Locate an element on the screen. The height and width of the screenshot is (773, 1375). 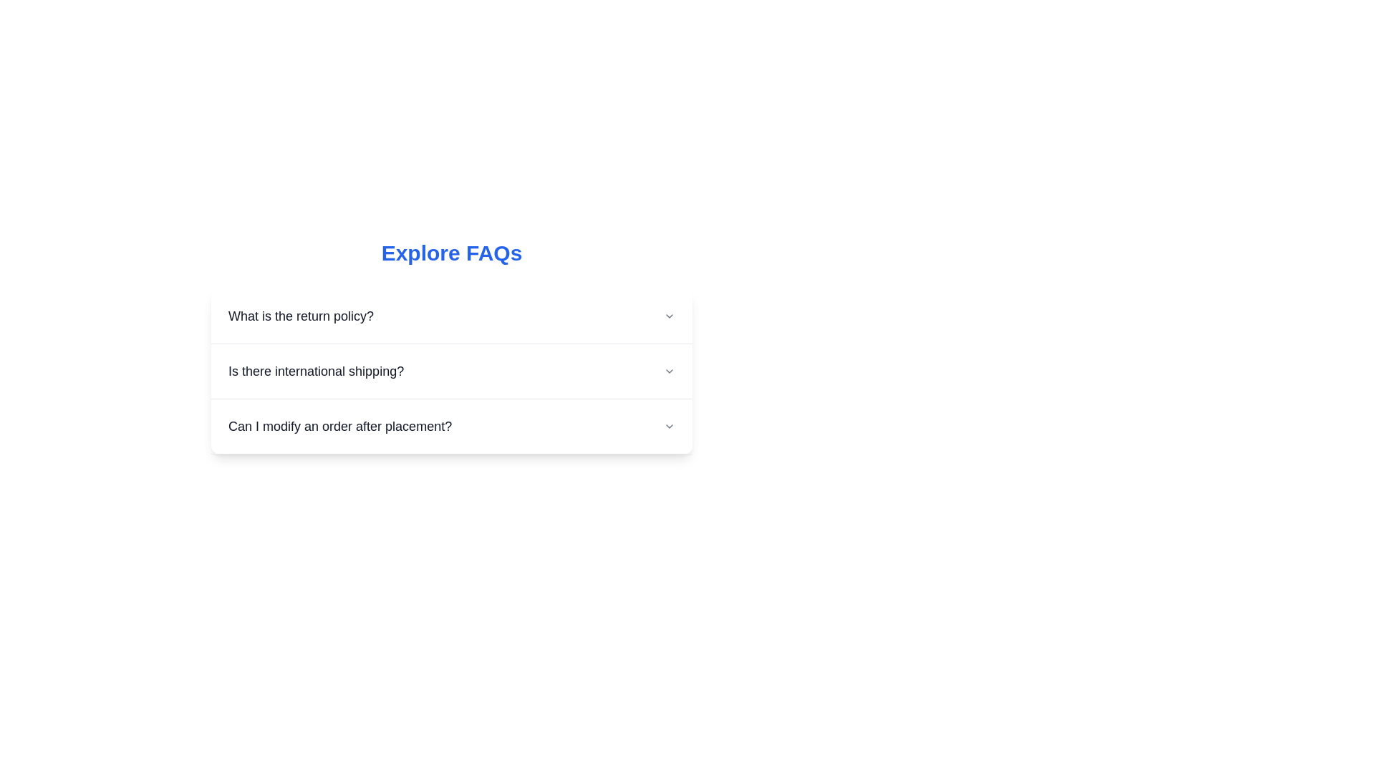
the downward-facing chevron icon located on the right side of the 'What is the return policy?' section is located at coordinates (669, 316).